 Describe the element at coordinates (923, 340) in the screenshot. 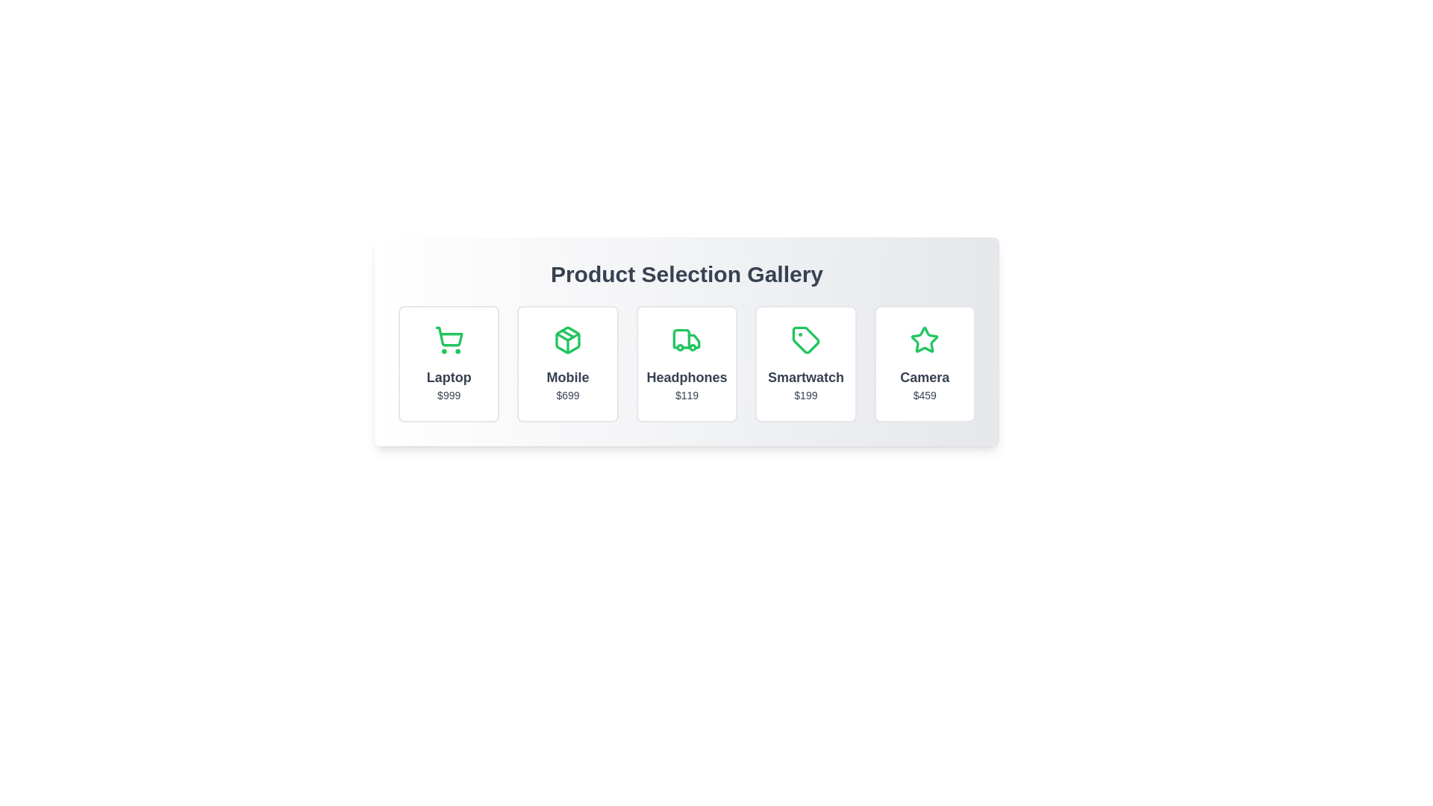

I see `the surrounding card by clicking on the star icon located within the 'Camera' product card in the 'Product Selection Gallery'` at that location.